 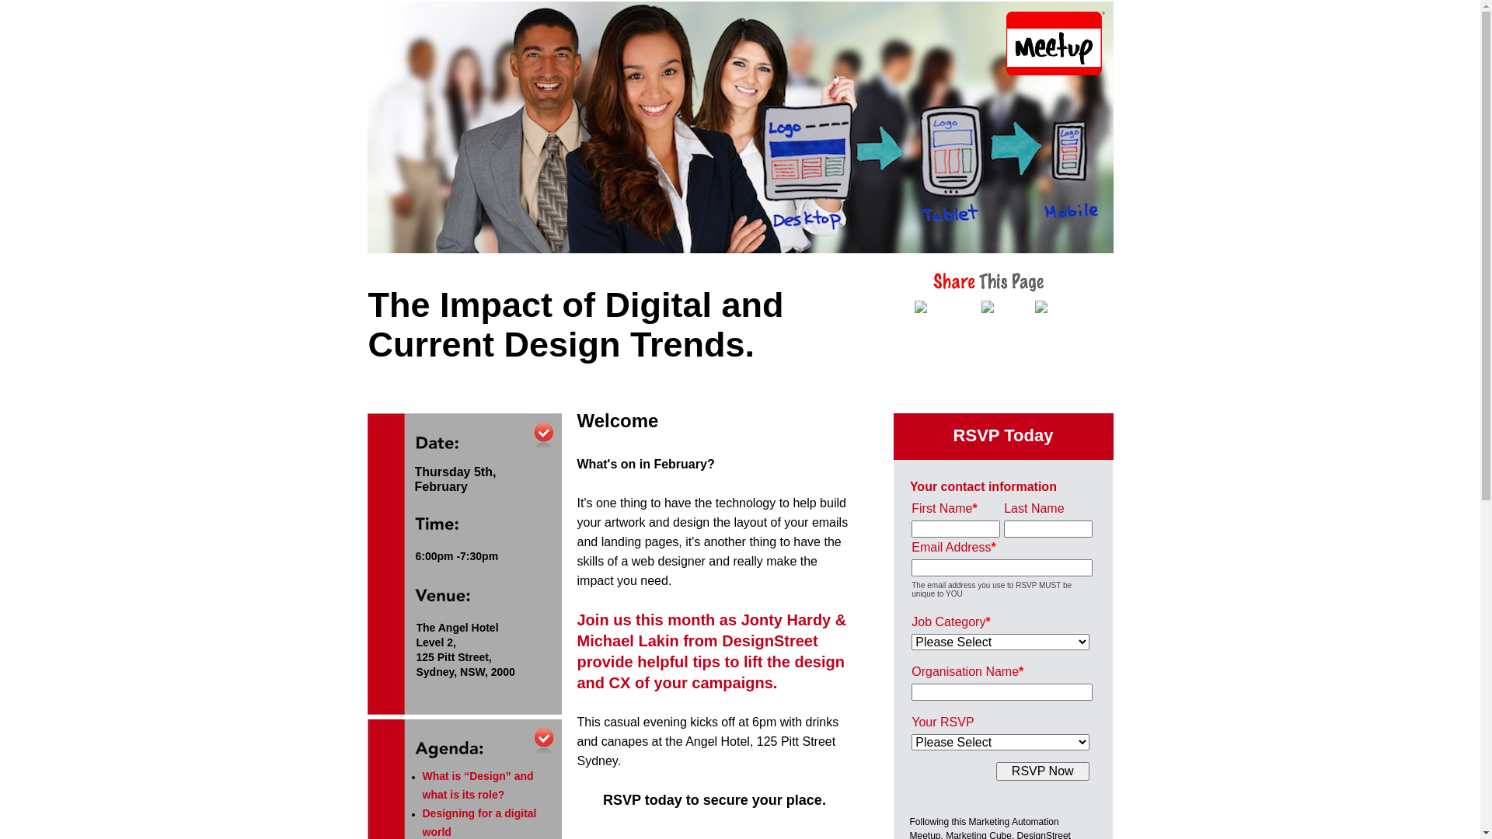 I want to click on 'RSVP Now', so click(x=1043, y=771).